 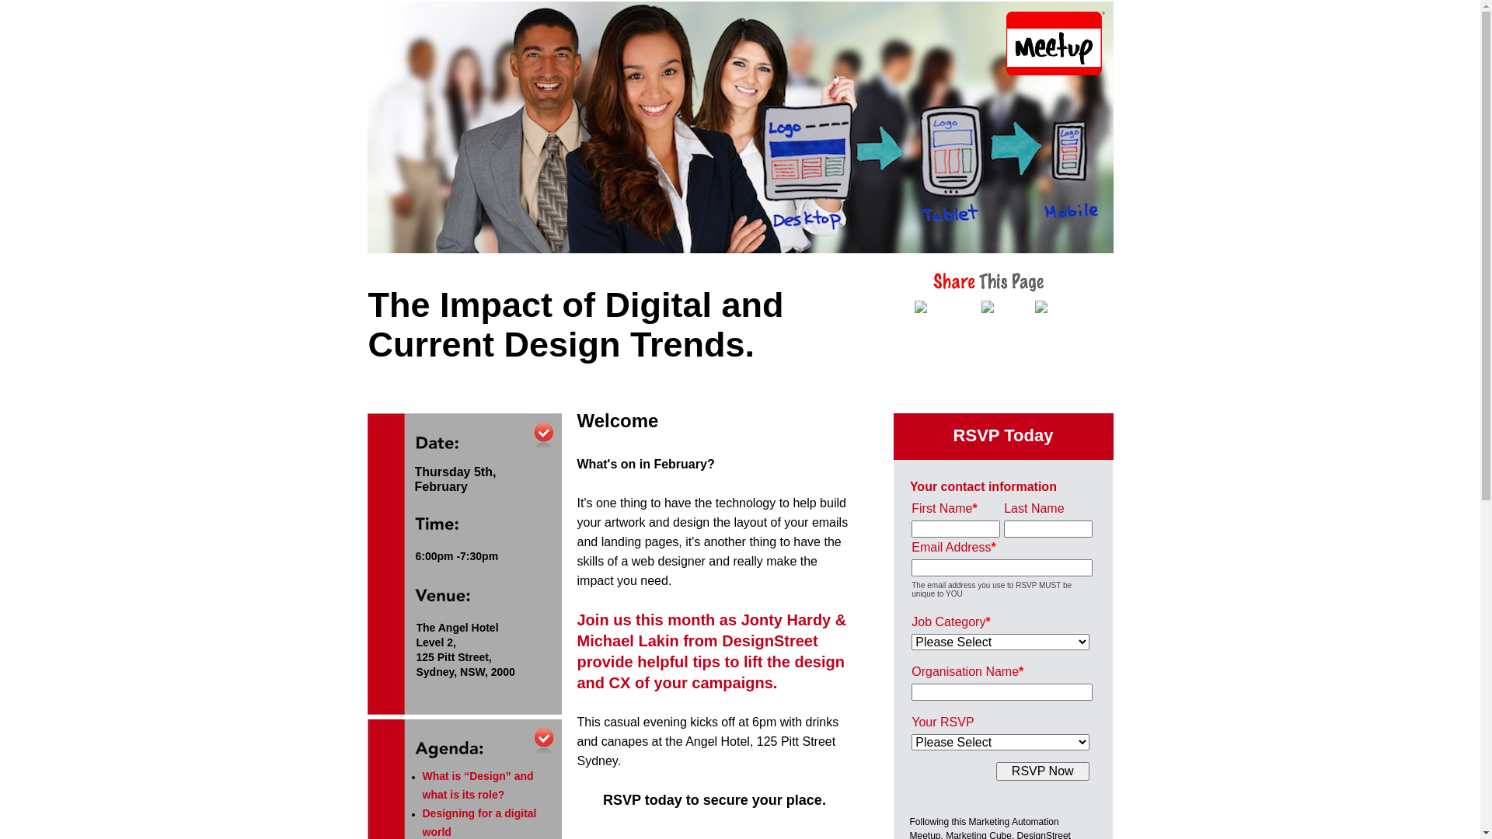 I want to click on 'RSVP Now', so click(x=1043, y=771).